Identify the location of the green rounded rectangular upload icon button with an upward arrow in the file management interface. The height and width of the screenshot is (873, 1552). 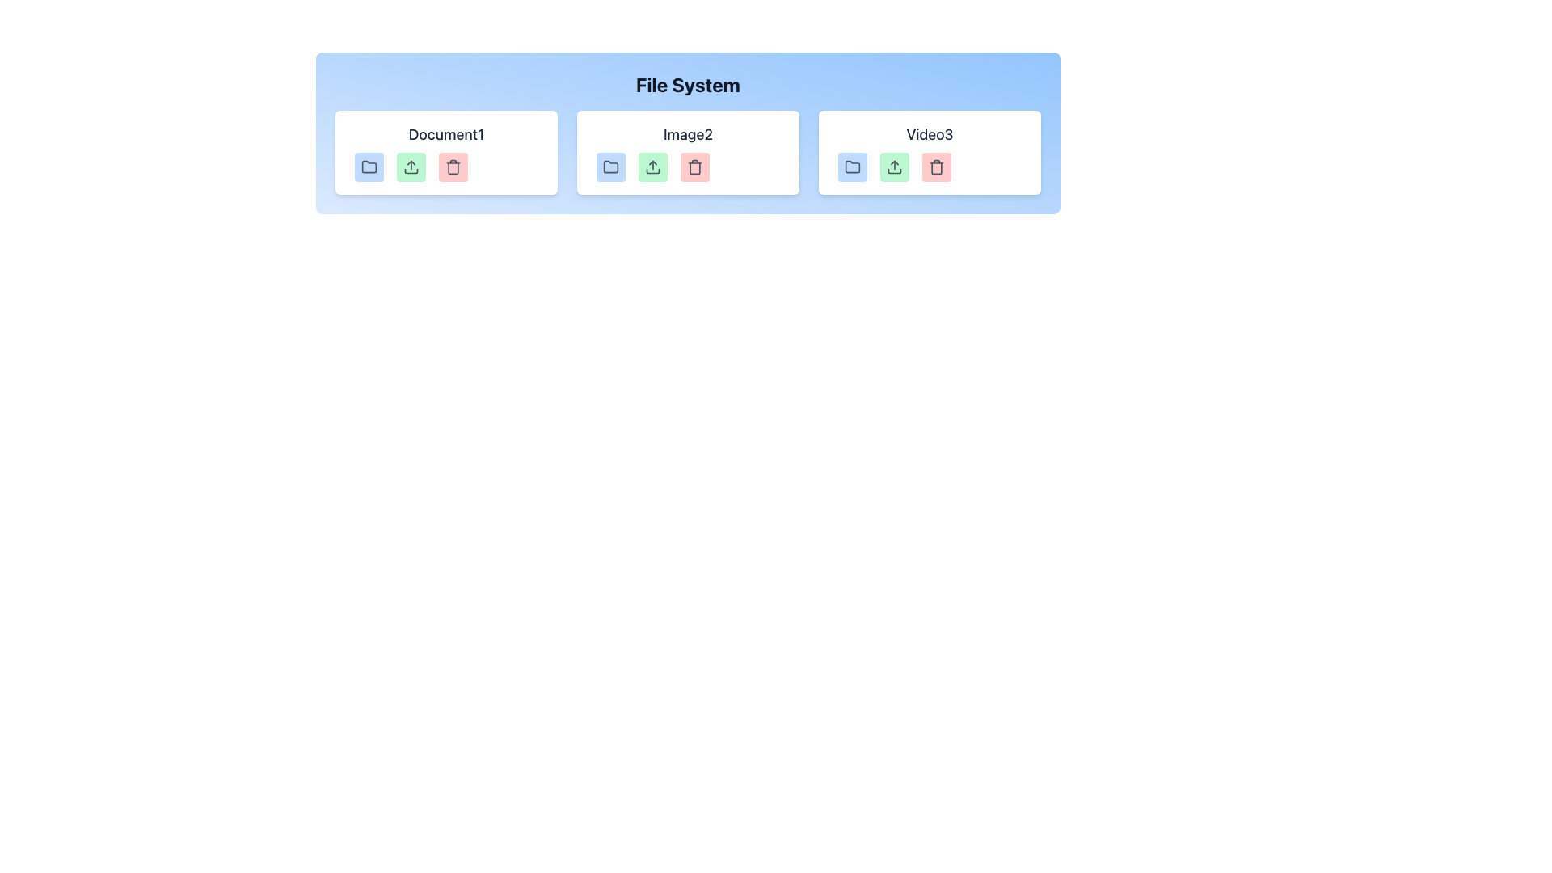
(411, 167).